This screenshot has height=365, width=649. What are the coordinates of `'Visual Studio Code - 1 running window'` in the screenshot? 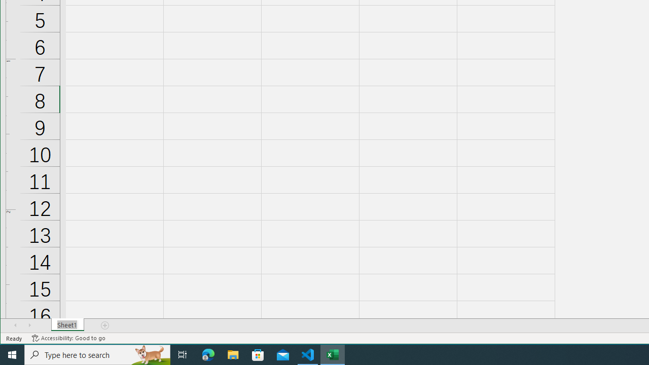 It's located at (307, 354).